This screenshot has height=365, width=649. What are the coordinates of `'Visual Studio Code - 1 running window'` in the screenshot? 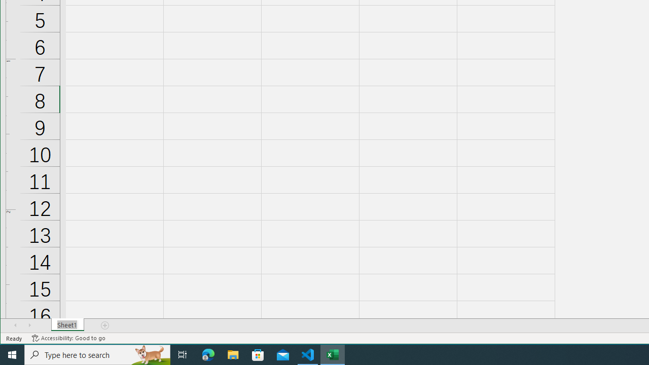 It's located at (307, 354).